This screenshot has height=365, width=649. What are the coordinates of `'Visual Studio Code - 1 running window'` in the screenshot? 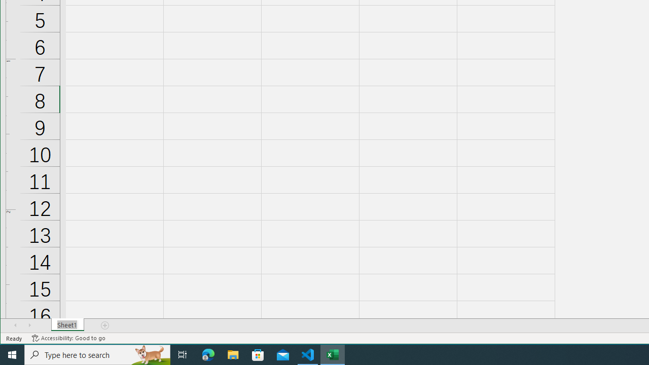 It's located at (307, 354).